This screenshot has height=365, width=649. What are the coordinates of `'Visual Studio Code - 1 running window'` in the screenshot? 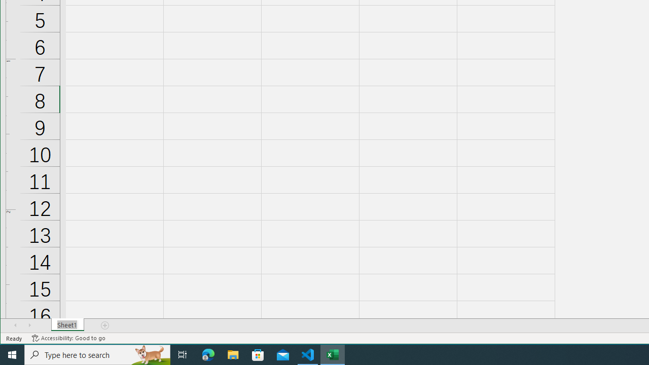 It's located at (307, 354).